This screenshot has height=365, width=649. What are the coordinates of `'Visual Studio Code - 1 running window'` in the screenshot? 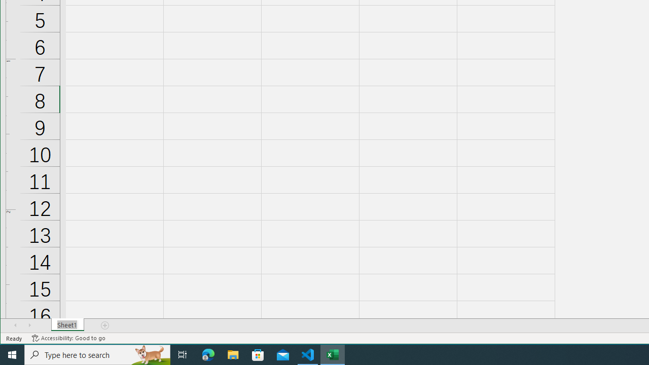 It's located at (307, 354).